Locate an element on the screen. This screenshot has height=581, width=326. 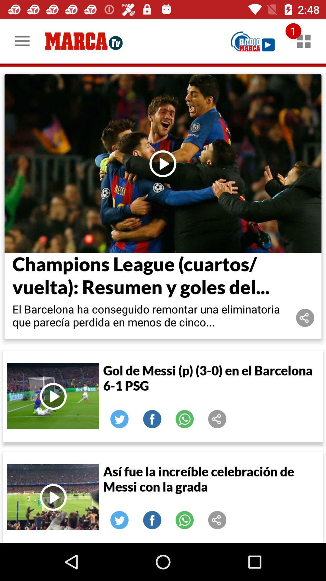
facebook icon is located at coordinates (152, 520).